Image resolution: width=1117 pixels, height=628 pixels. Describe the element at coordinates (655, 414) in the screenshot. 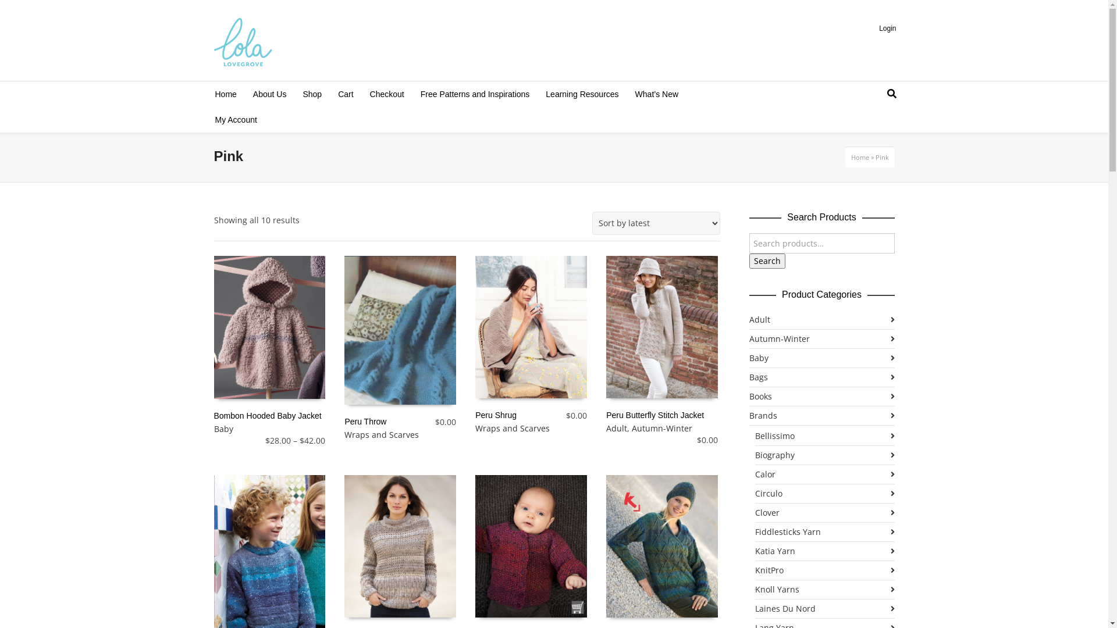

I see `'Peru Butterfly Stitch Jacket'` at that location.